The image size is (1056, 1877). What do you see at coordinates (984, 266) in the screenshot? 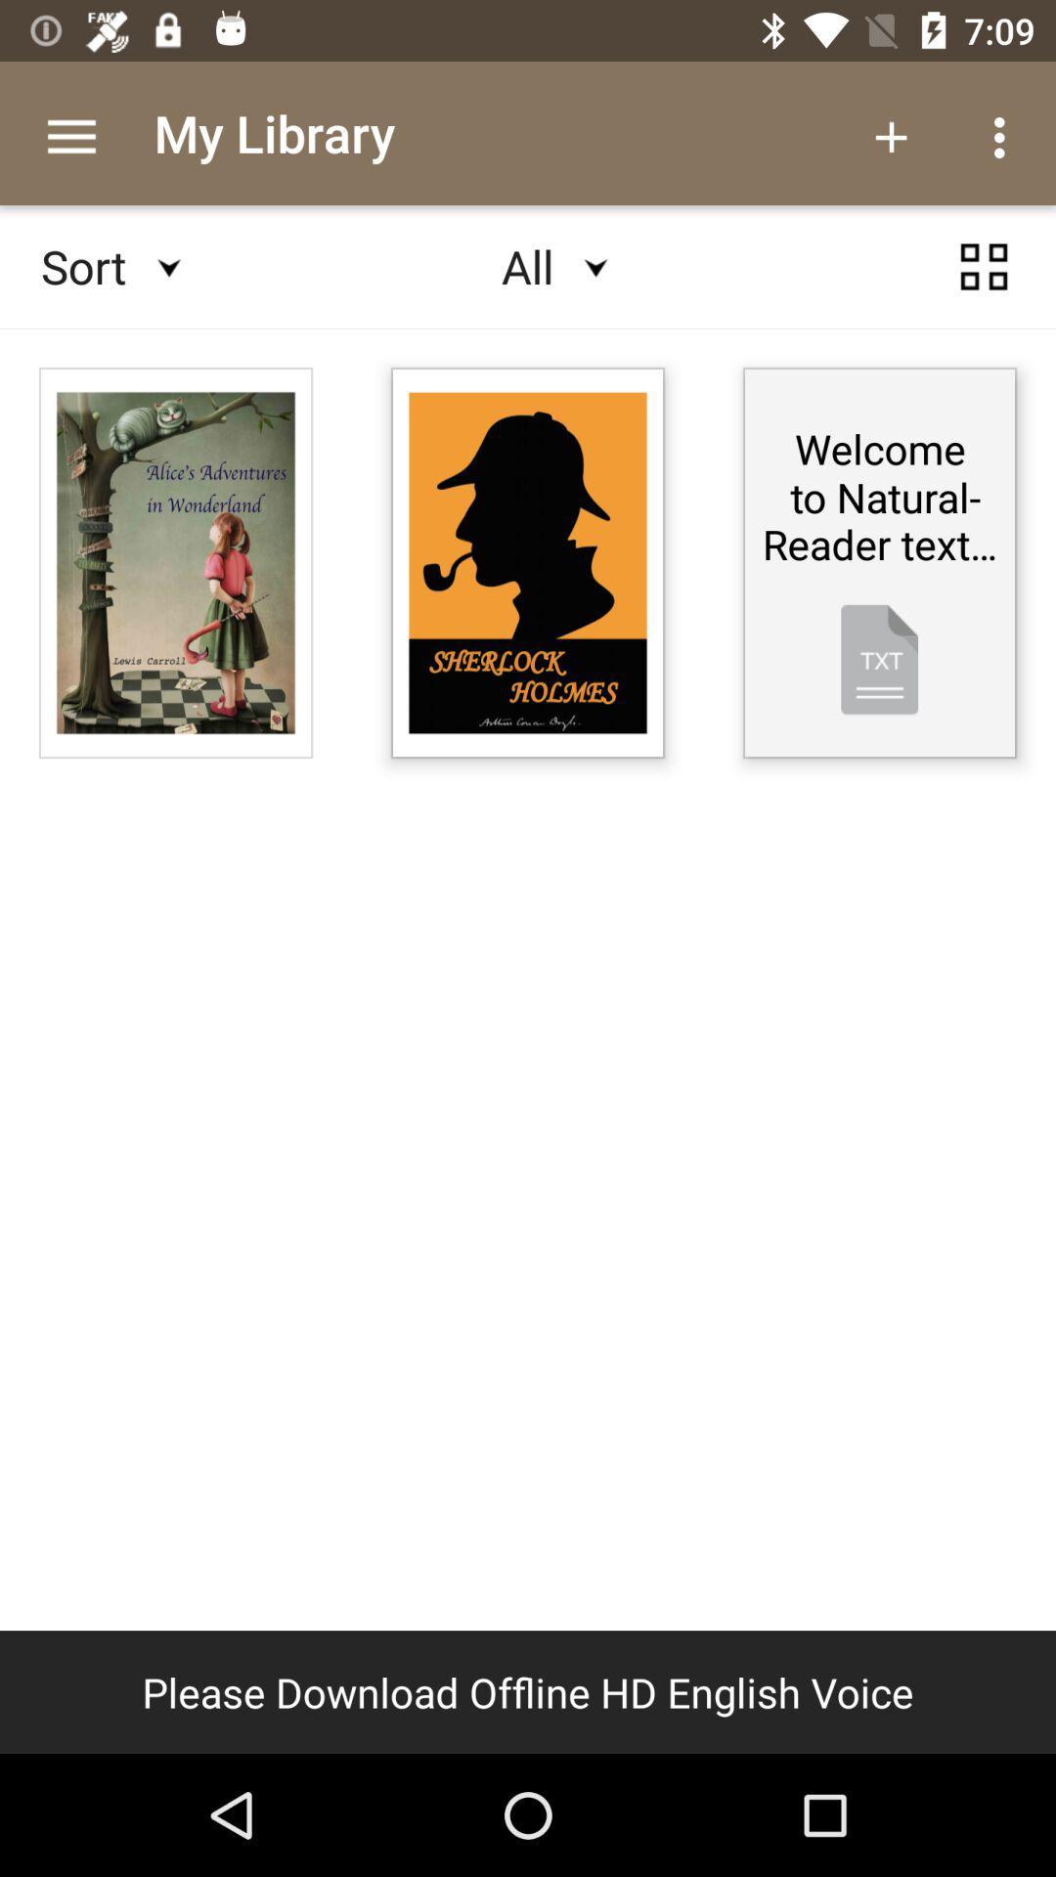
I see `menu button` at bounding box center [984, 266].